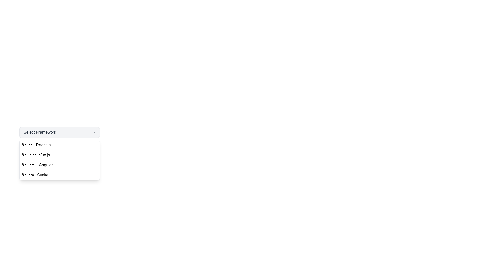 The image size is (483, 271). I want to click on the first item in the dropdown menu that allows the user to select the 'React.js' framework, so click(59, 145).